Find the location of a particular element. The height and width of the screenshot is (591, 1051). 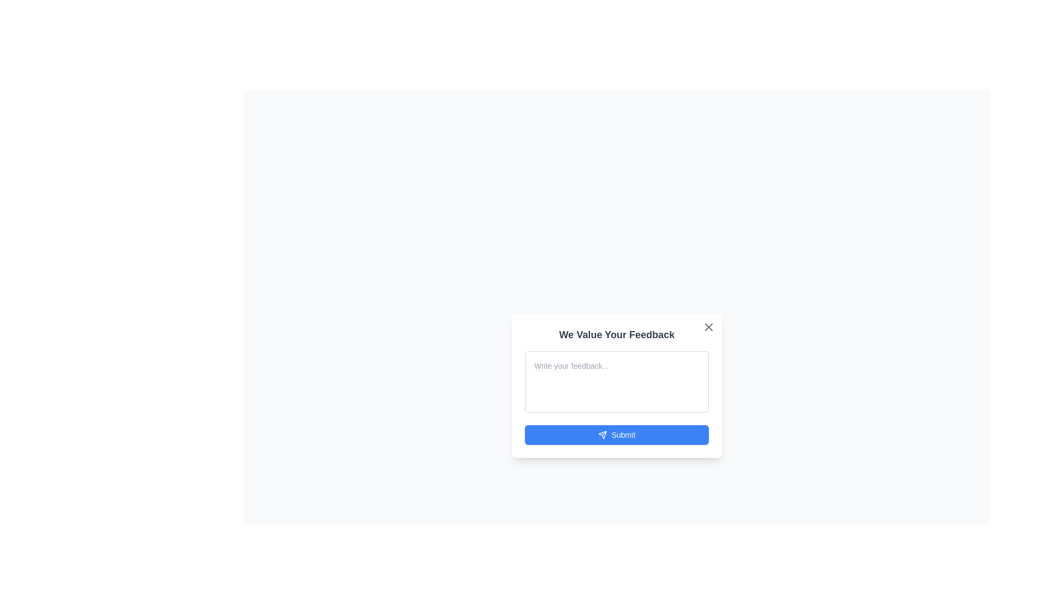

the 'Submit' button with a blue background and white text, located at the bottom of the feedback modal for accessibility is located at coordinates (617, 434).